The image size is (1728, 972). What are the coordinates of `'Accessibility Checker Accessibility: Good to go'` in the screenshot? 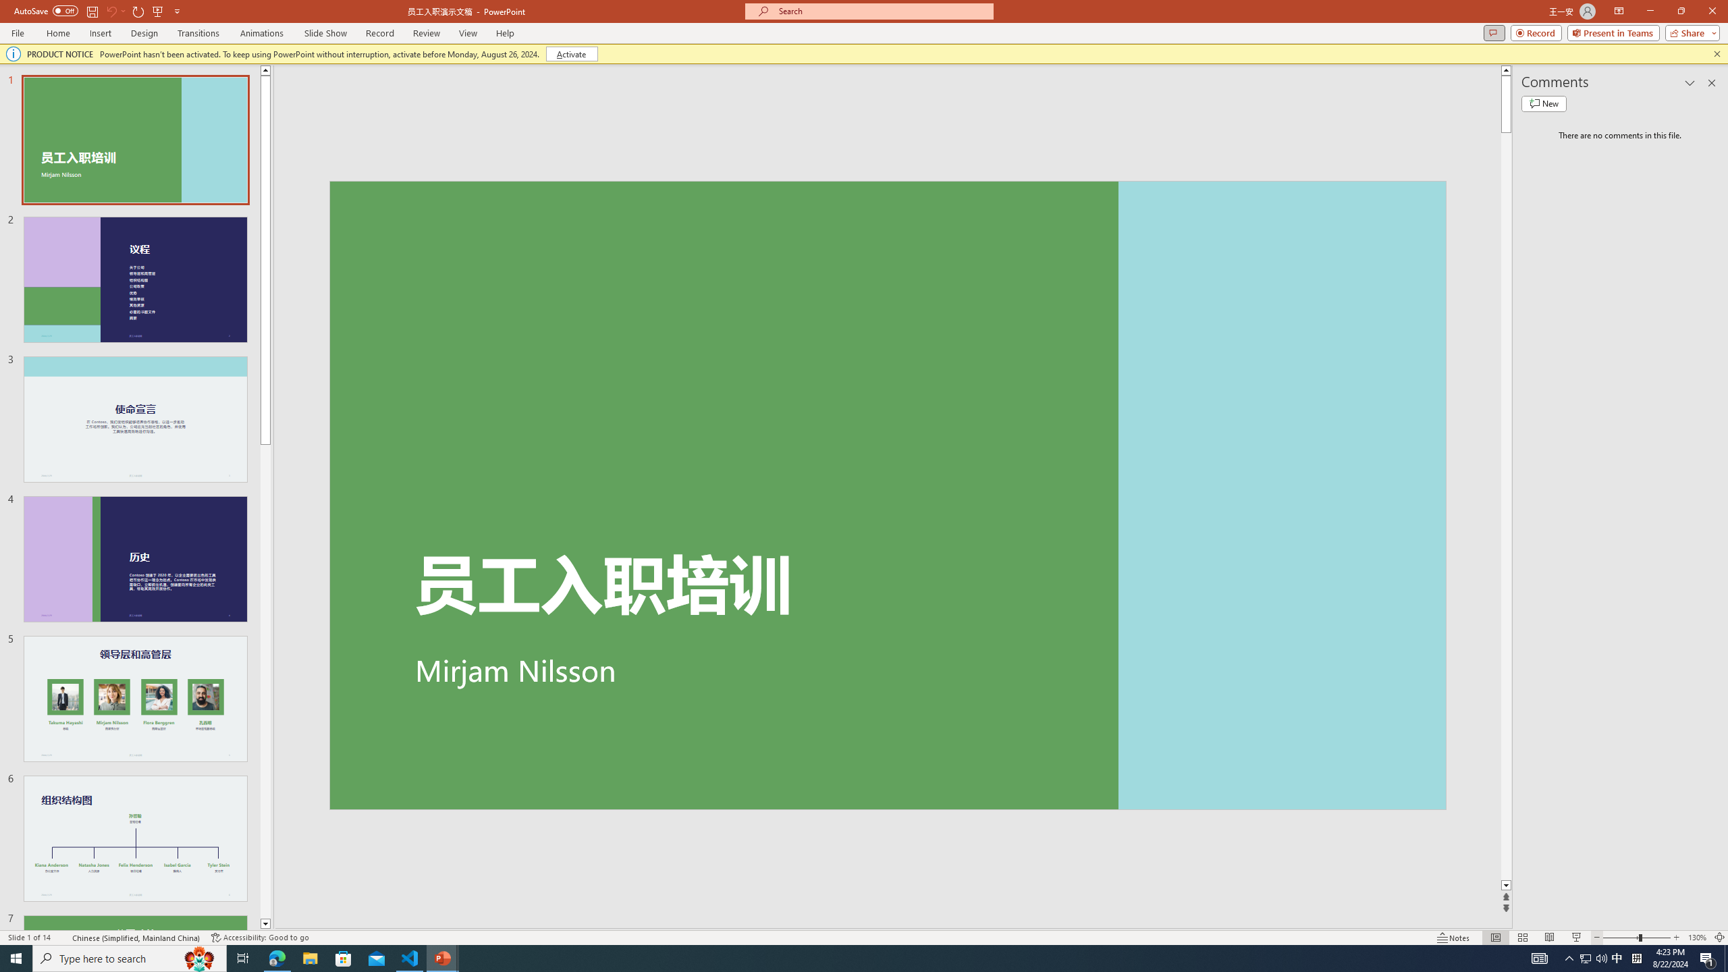 It's located at (259, 938).